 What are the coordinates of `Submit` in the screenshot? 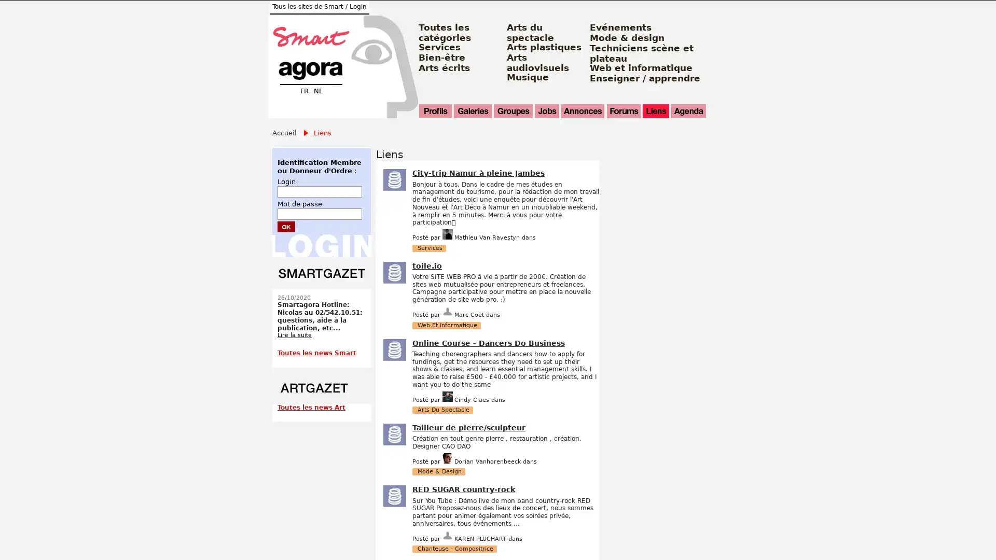 It's located at (286, 226).